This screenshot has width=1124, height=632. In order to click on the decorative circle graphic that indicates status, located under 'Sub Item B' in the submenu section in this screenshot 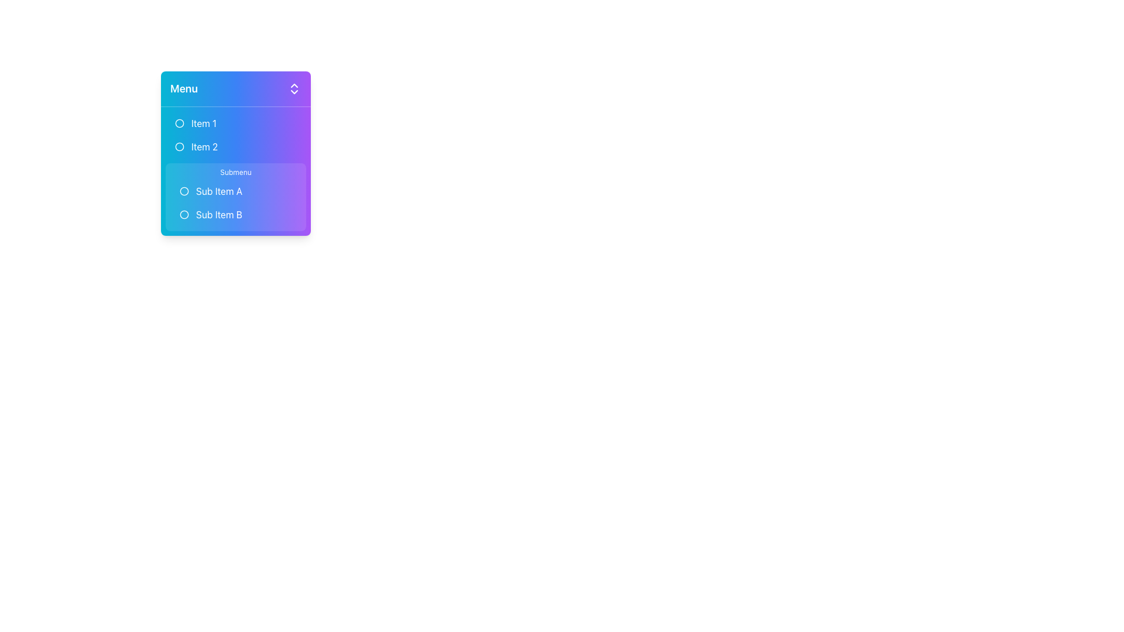, I will do `click(184, 214)`.